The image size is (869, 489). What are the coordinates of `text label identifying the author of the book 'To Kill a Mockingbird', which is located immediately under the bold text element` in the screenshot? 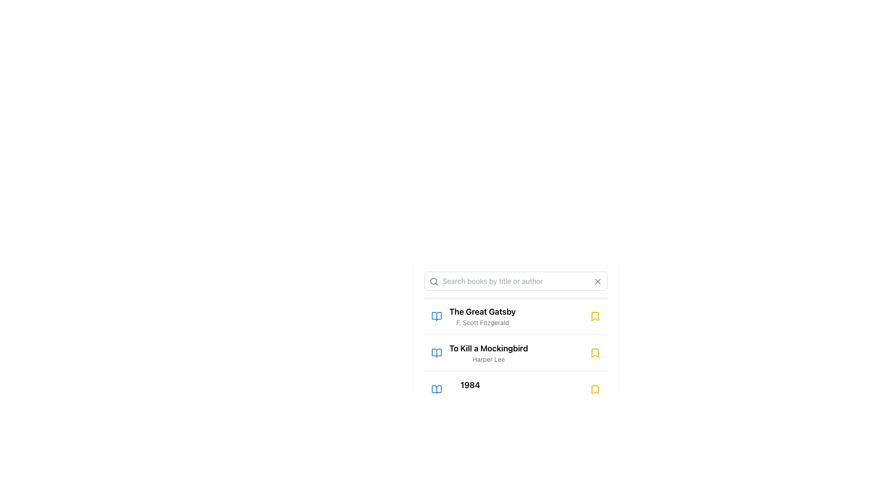 It's located at (488, 359).